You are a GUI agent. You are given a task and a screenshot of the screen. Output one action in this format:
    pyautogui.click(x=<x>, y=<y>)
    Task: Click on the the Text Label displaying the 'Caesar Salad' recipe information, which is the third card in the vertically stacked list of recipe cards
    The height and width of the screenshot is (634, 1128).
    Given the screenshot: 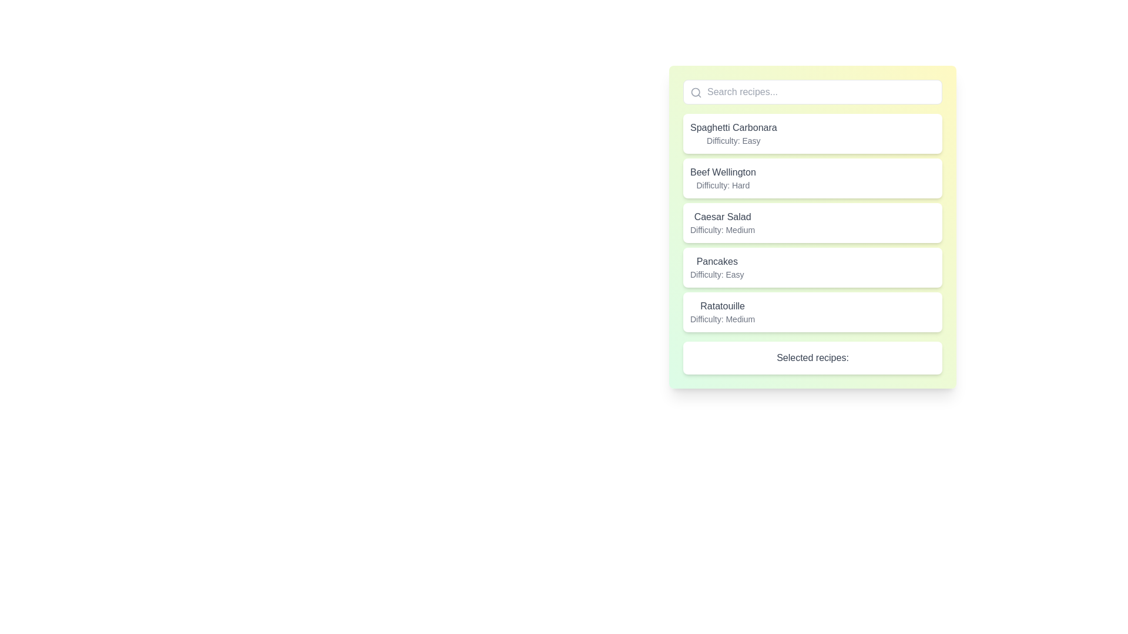 What is the action you would take?
    pyautogui.click(x=722, y=223)
    